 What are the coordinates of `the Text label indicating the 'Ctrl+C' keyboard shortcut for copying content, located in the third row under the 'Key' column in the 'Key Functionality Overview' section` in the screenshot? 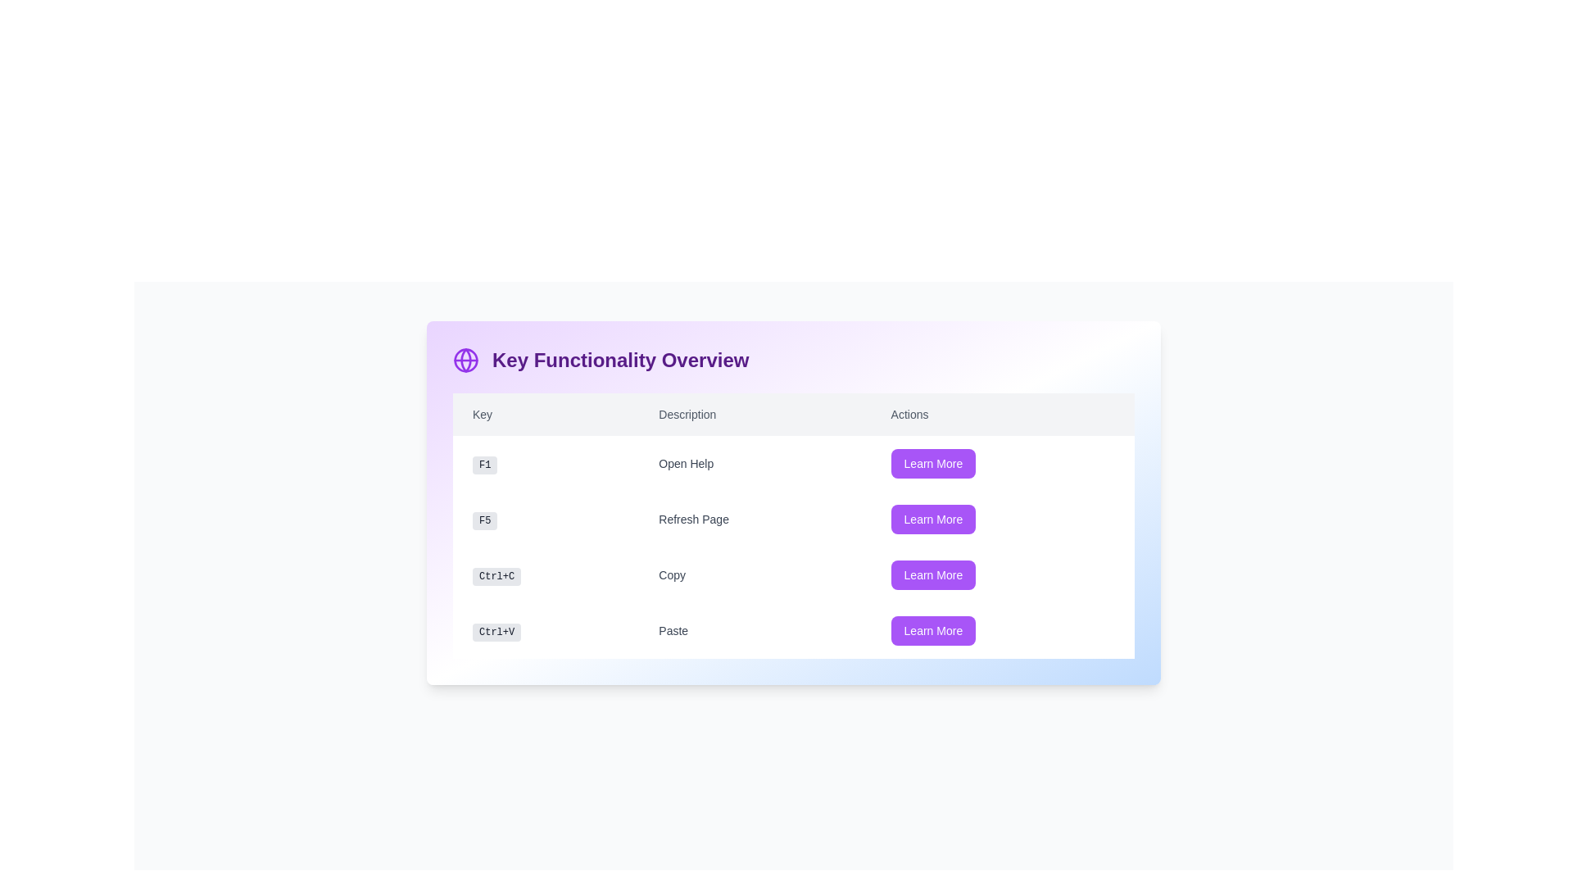 It's located at (496, 576).